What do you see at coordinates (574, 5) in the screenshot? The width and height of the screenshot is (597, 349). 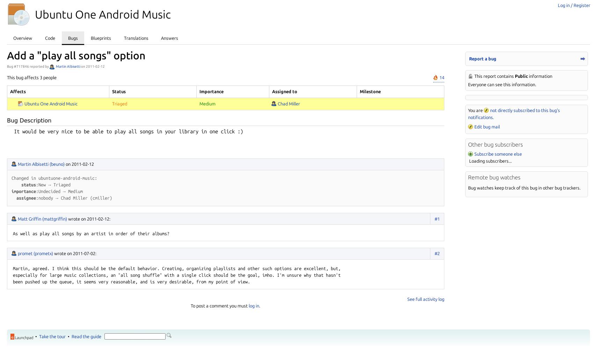 I see `'Log in / Register'` at bounding box center [574, 5].